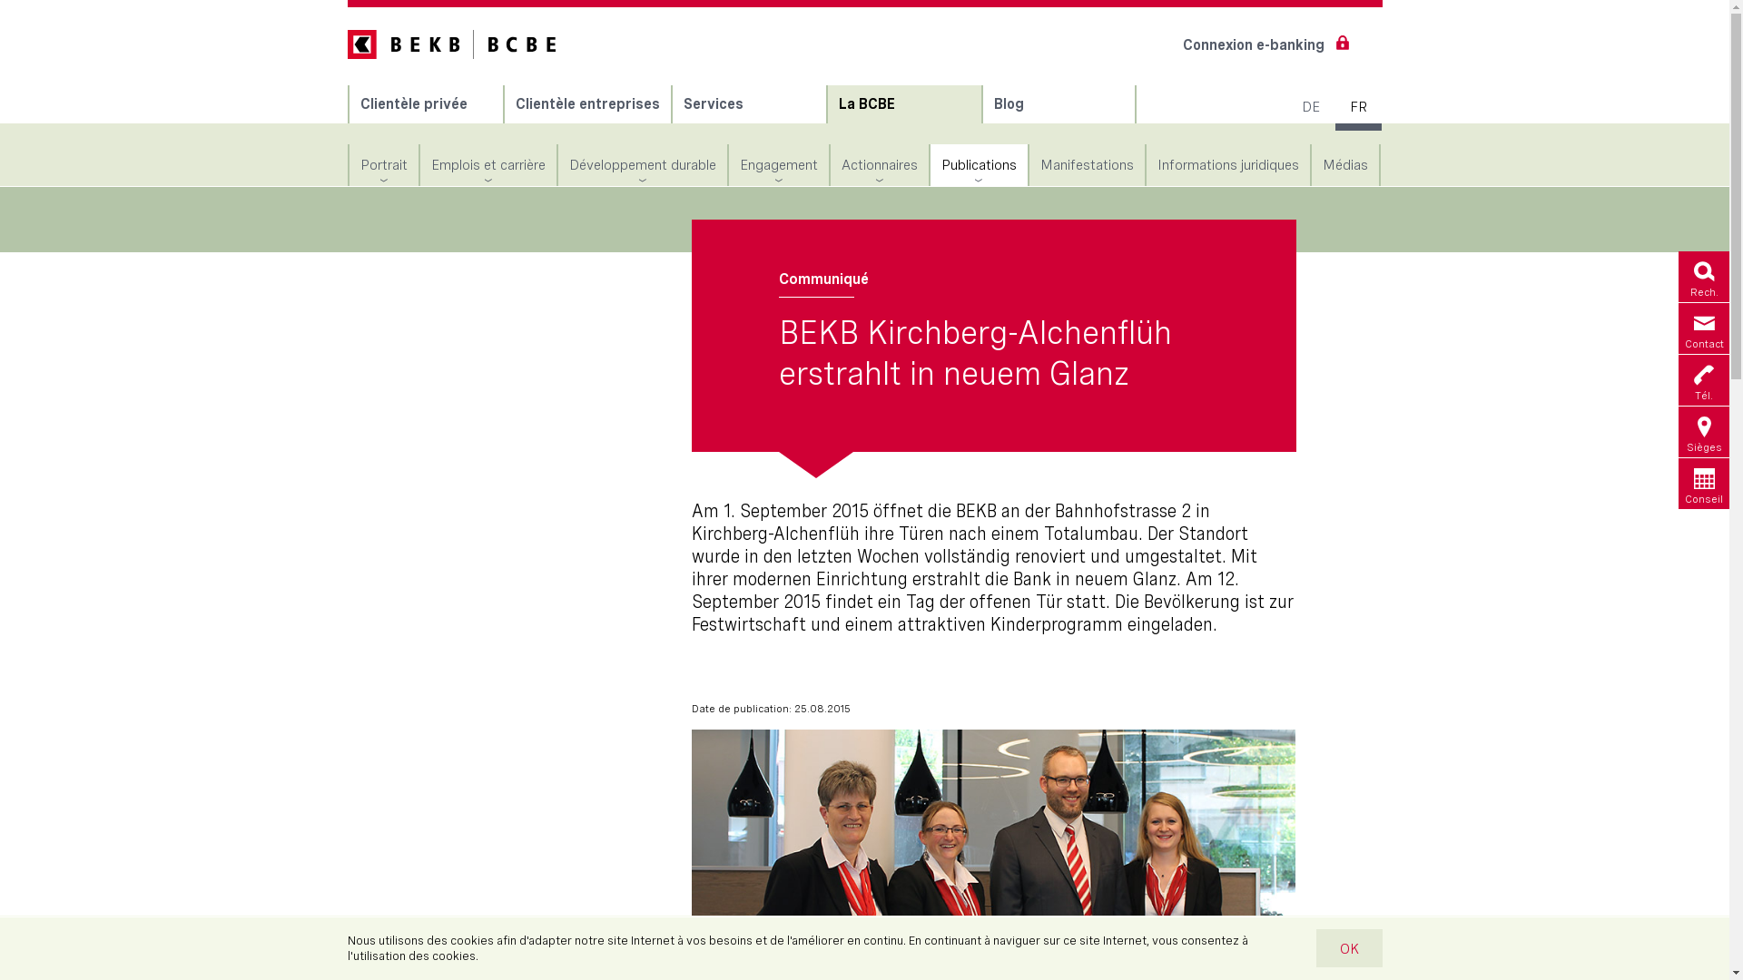 This screenshot has height=980, width=1743. Describe the element at coordinates (1058, 104) in the screenshot. I see `'Blog'` at that location.